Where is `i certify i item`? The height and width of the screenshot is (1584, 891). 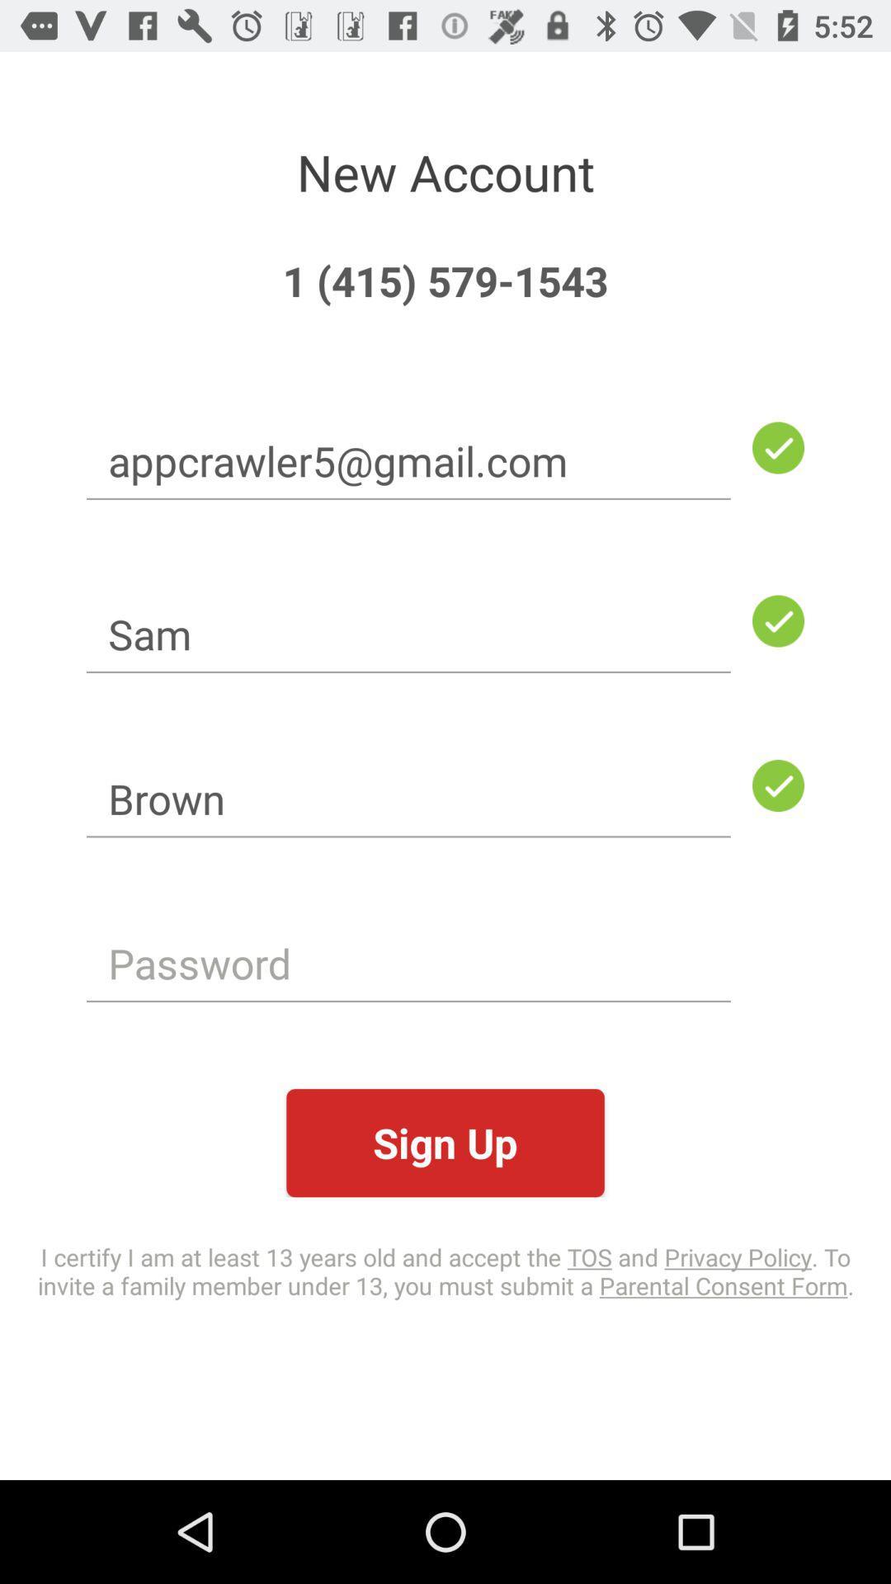
i certify i item is located at coordinates (445, 1270).